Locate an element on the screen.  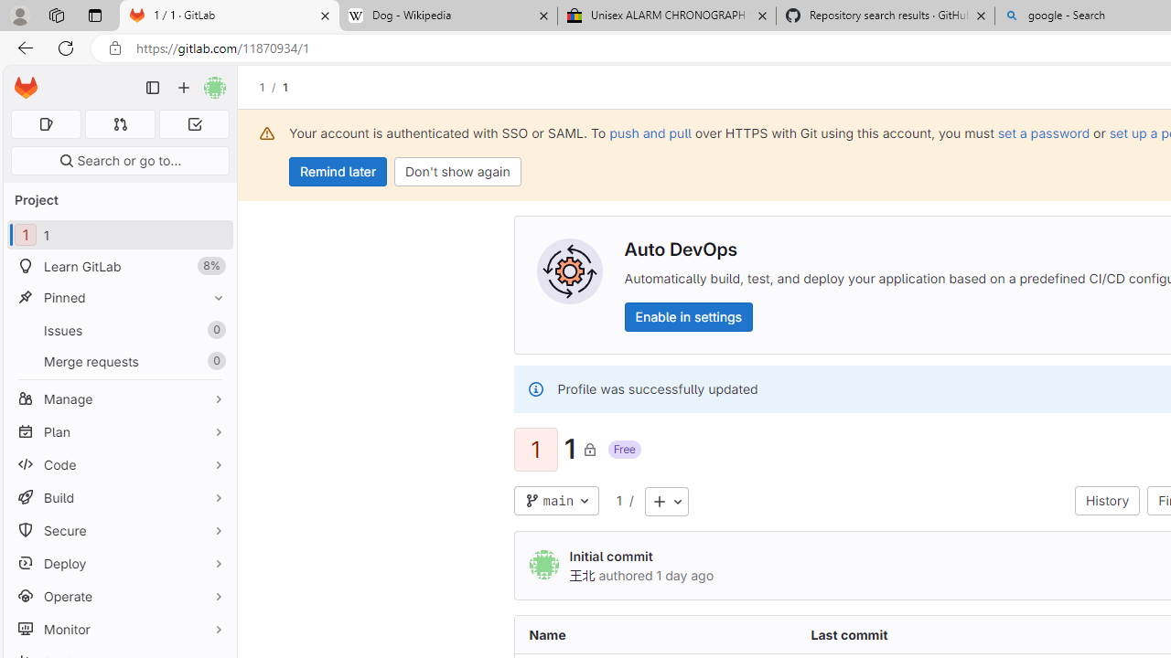
'Unpin Merge requests' is located at coordinates (214, 361).